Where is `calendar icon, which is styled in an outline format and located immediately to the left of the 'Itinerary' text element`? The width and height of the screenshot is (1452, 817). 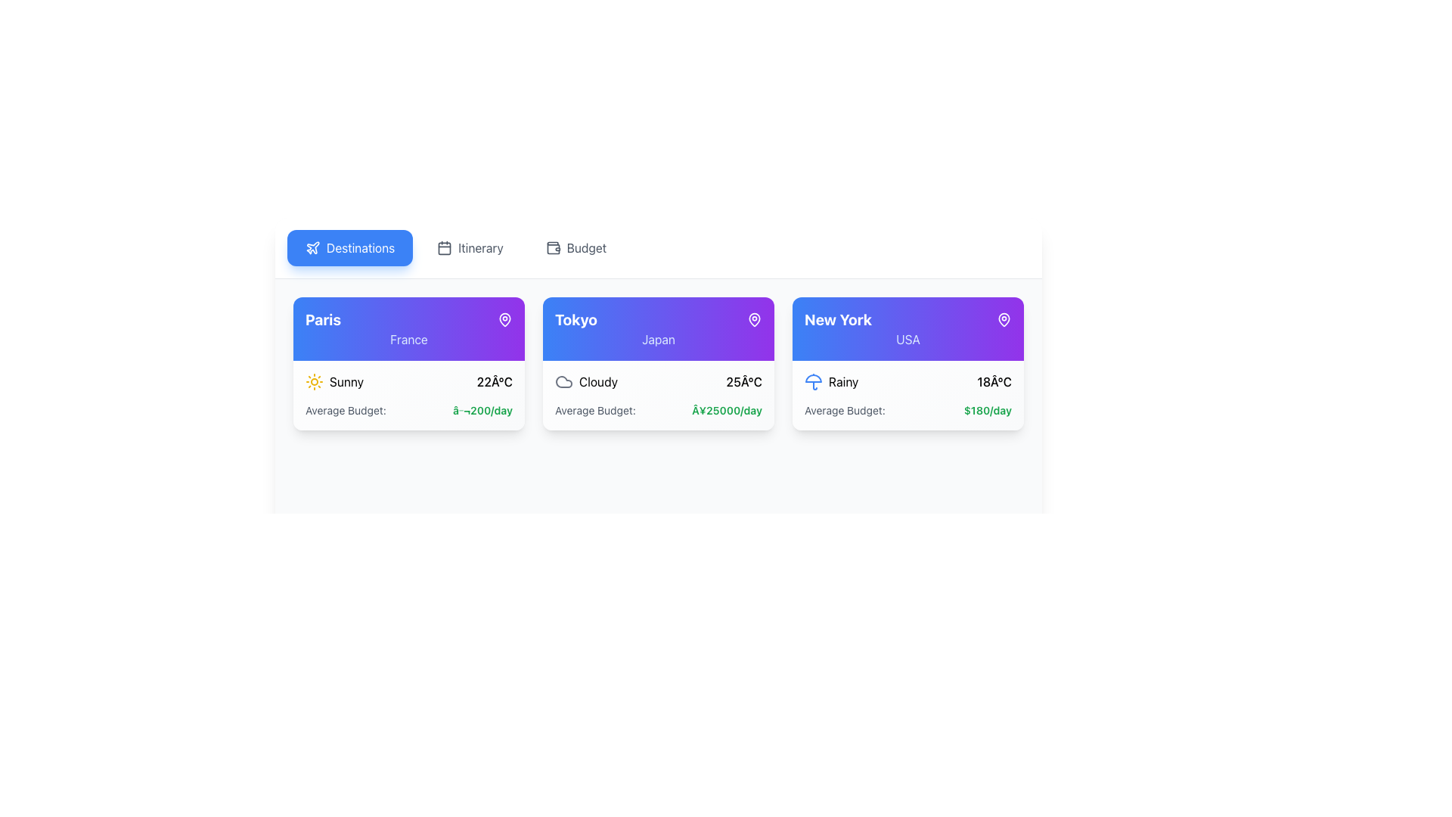 calendar icon, which is styled in an outline format and located immediately to the left of the 'Itinerary' text element is located at coordinates (444, 247).